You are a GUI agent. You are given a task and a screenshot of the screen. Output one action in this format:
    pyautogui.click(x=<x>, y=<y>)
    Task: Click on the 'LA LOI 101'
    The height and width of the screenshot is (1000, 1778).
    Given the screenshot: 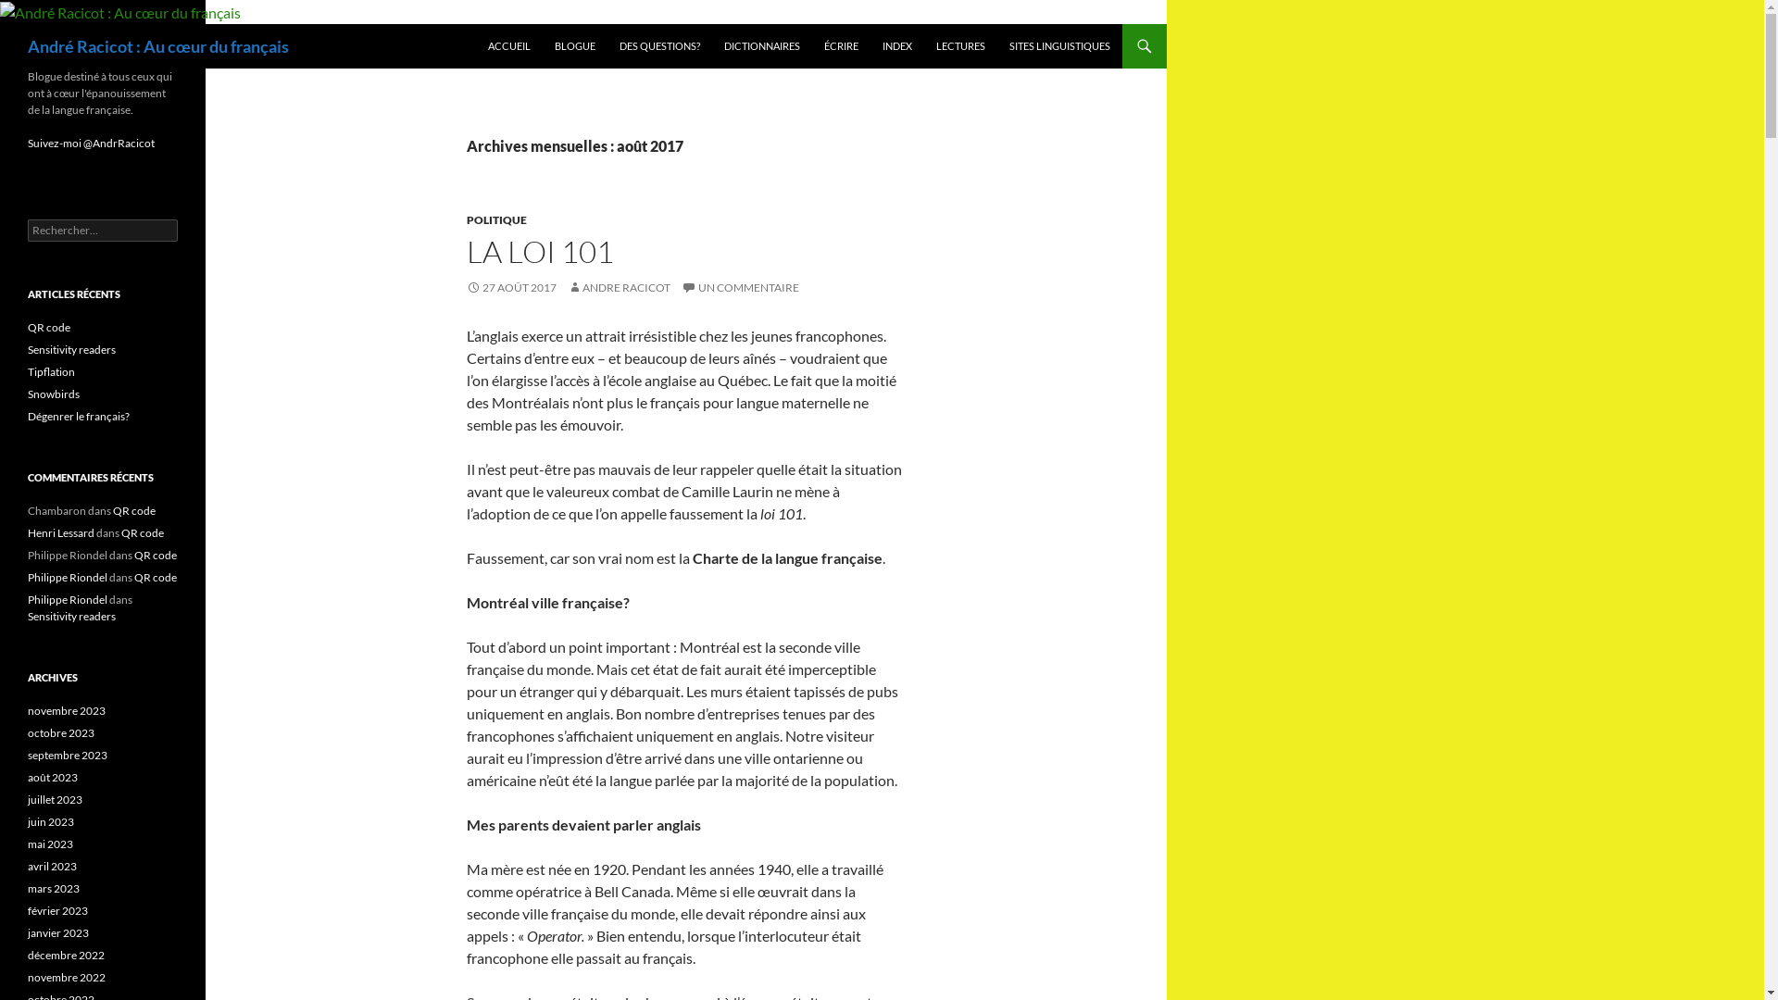 What is the action you would take?
    pyautogui.click(x=539, y=251)
    